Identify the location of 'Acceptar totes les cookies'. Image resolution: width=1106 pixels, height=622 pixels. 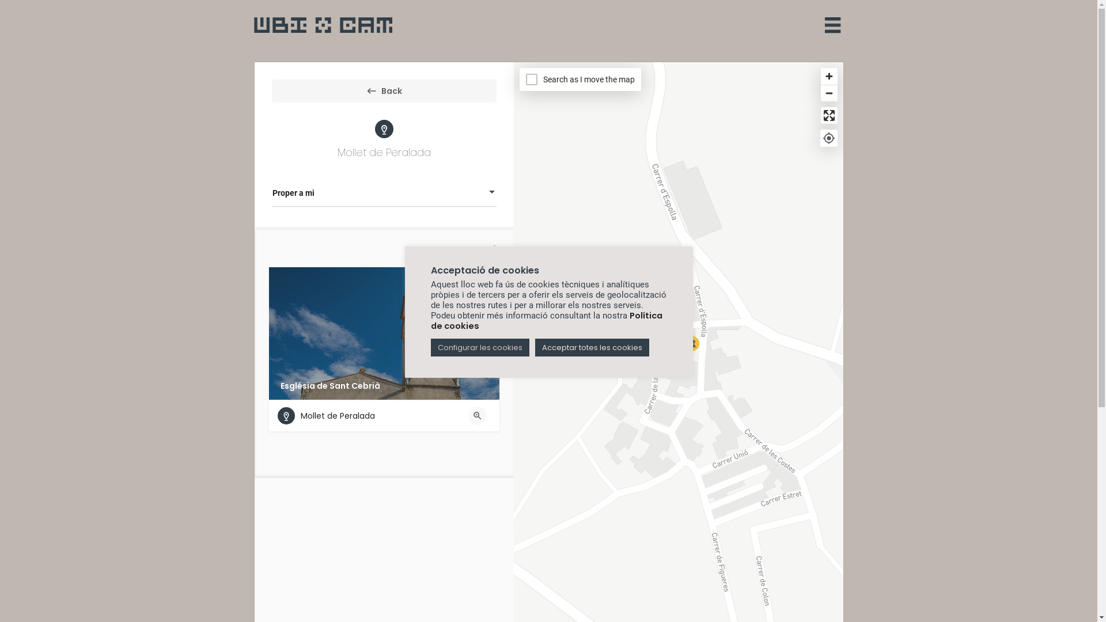
(592, 347).